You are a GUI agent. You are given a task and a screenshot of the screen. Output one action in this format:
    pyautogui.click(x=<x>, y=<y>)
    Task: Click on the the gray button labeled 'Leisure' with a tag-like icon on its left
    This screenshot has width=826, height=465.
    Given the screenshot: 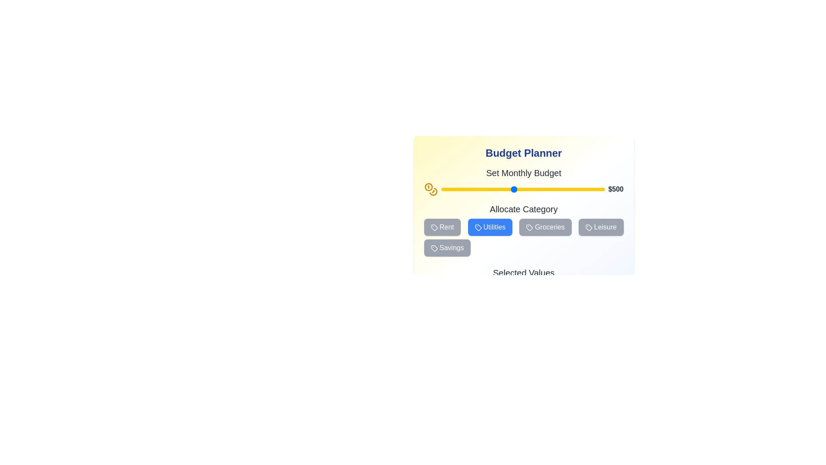 What is the action you would take?
    pyautogui.click(x=600, y=227)
    